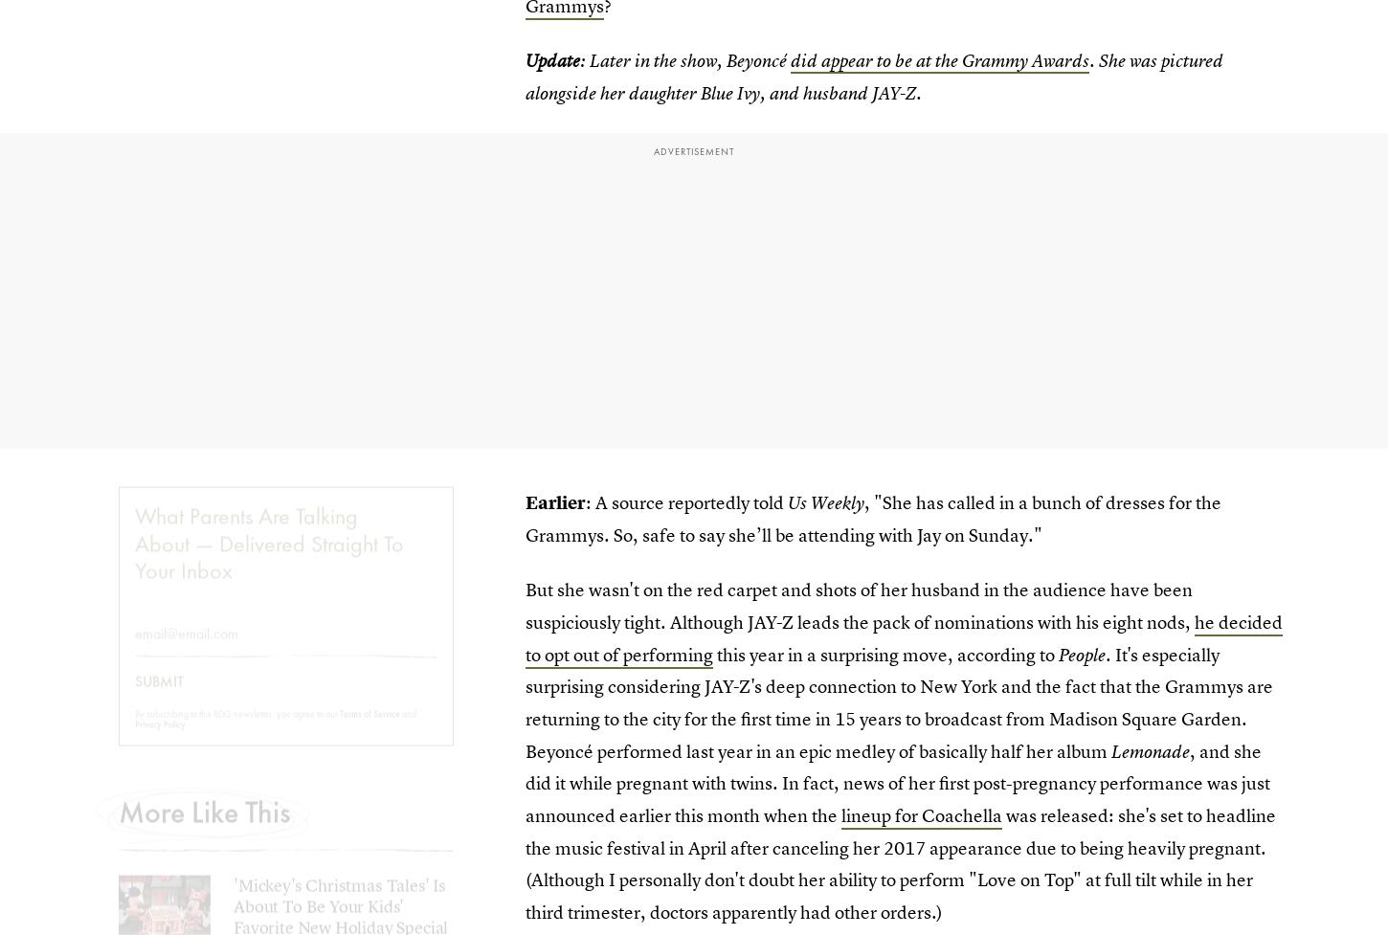  I want to click on 'Update', so click(552, 60).